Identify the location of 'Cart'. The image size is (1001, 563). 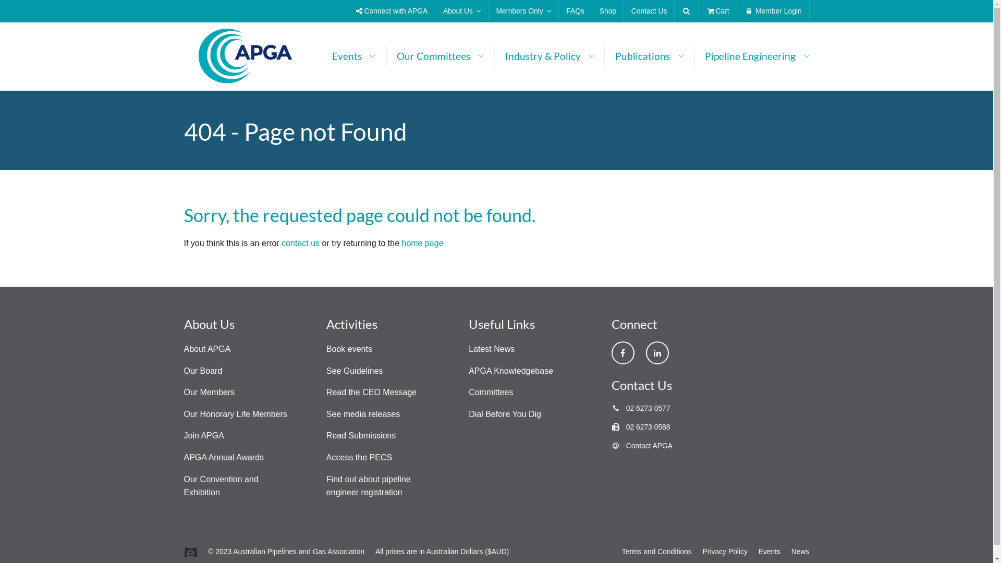
(717, 11).